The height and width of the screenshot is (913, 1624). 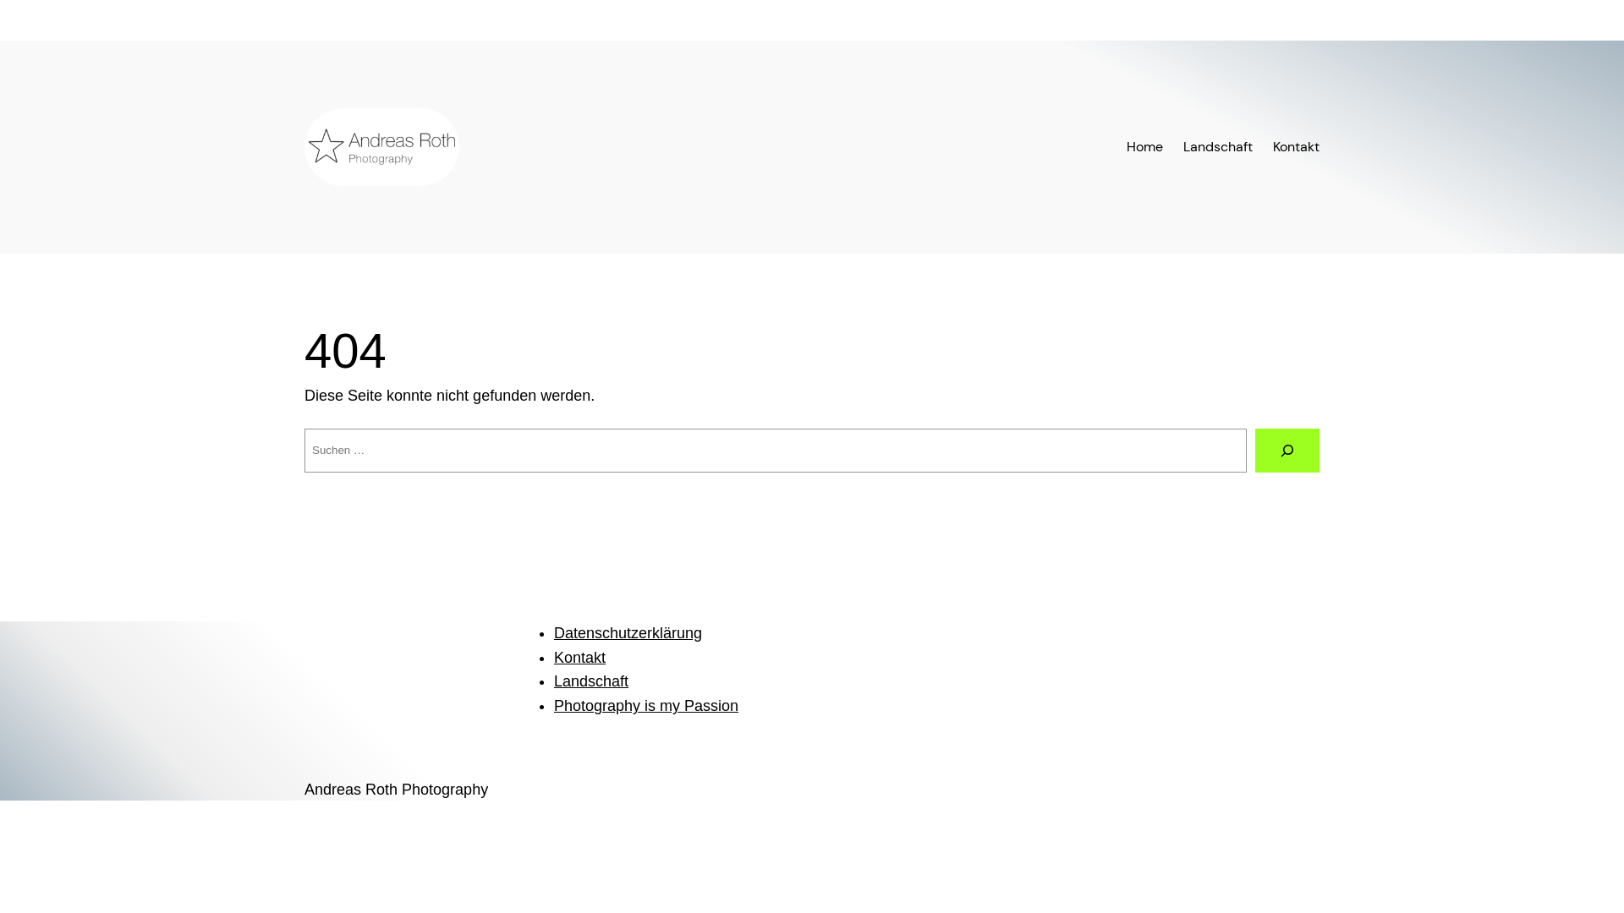 What do you see at coordinates (579, 657) in the screenshot?
I see `'Kontakt'` at bounding box center [579, 657].